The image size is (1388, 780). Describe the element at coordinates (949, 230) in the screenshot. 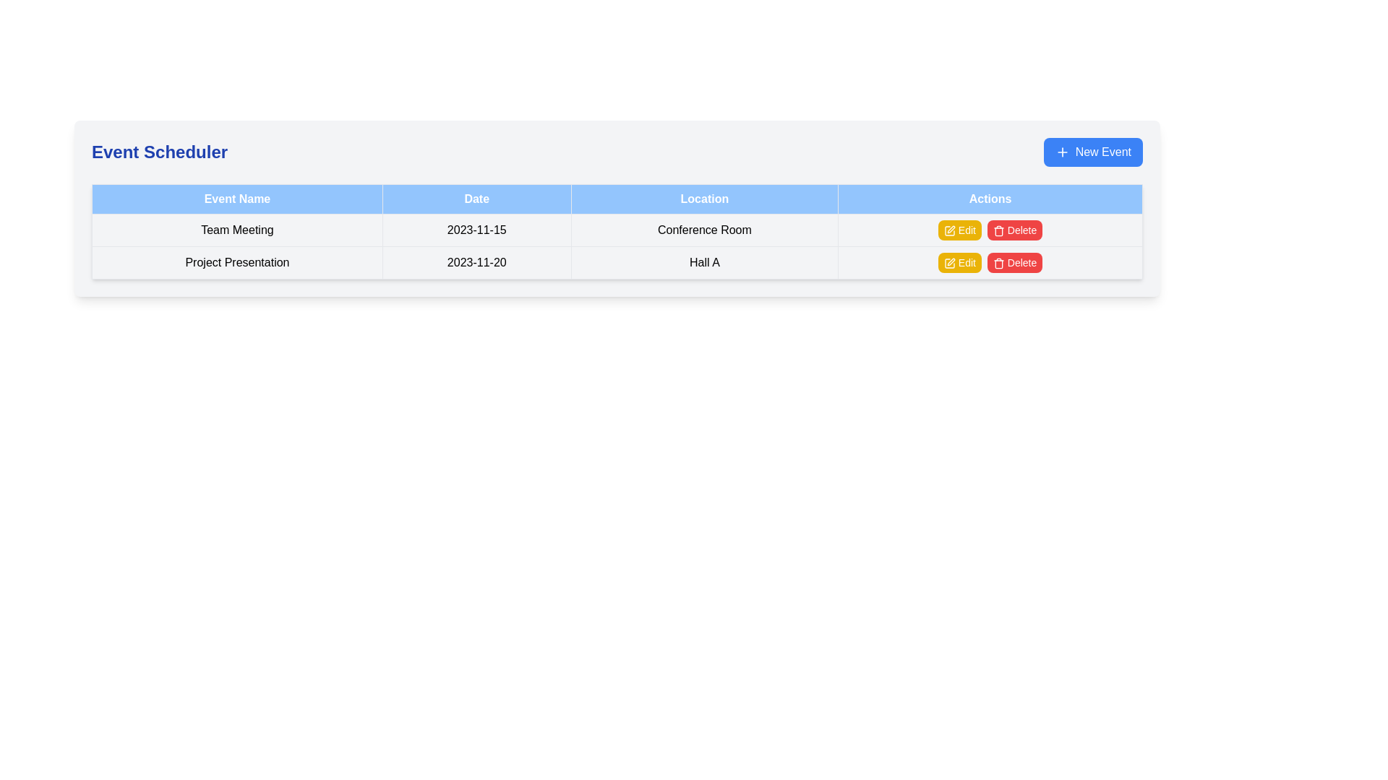

I see `the decorative or functional icon located in the 'Actions' column of the second row, next to the 'Delete' button and aligned with the 'Edit' button` at that location.